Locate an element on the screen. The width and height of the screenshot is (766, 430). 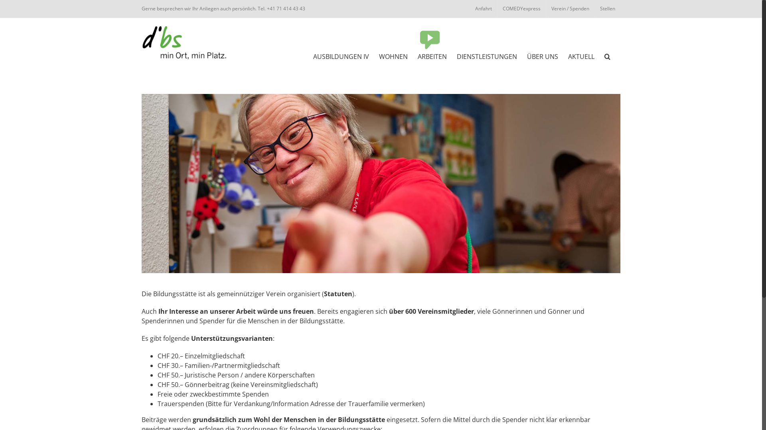
'Suche' is located at coordinates (604, 55).